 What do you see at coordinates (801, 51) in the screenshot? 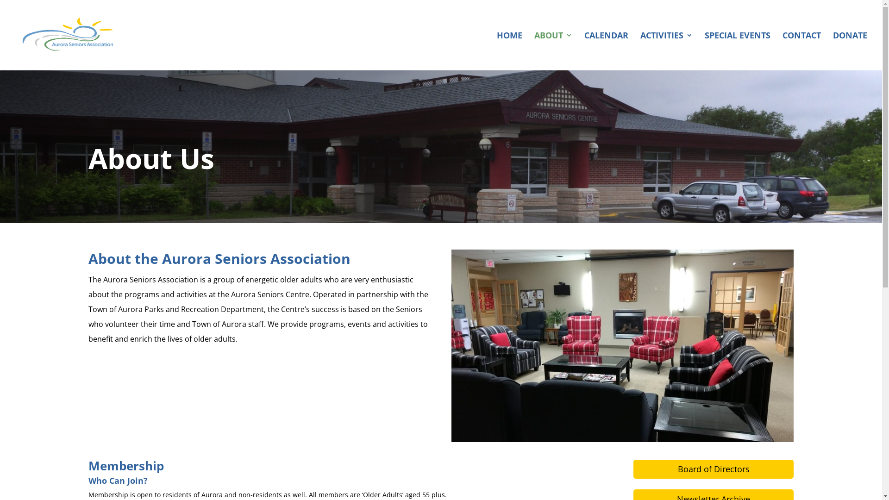
I see `'CONTACT'` at bounding box center [801, 51].